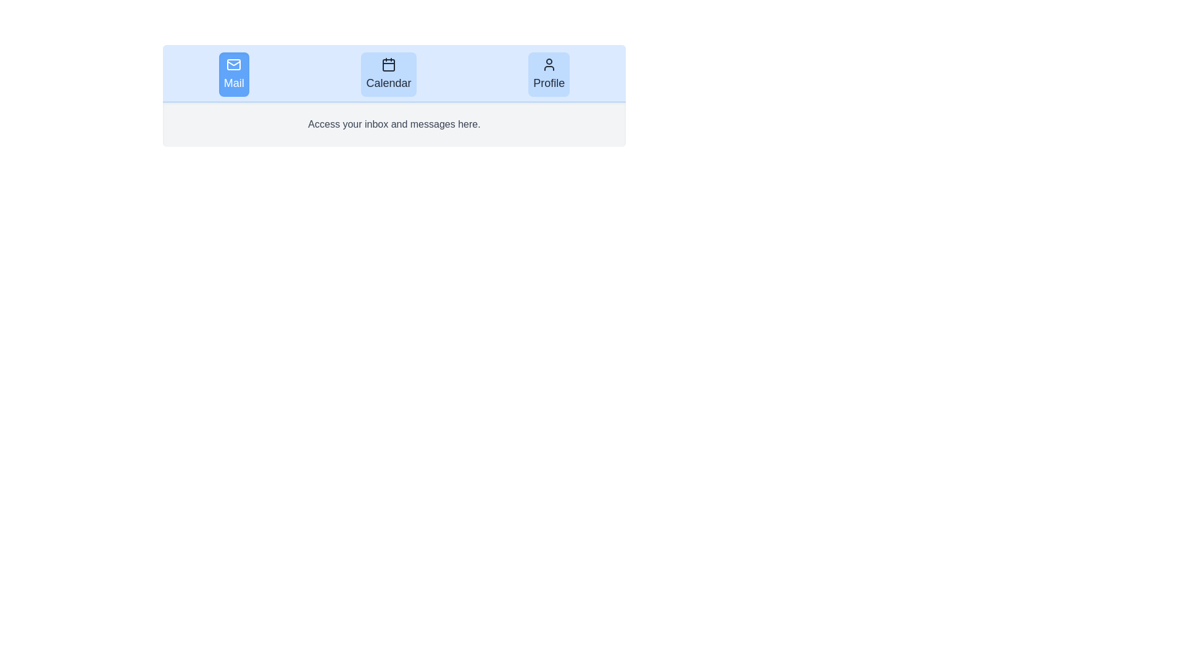 The height and width of the screenshot is (666, 1185). What do you see at coordinates (547, 74) in the screenshot?
I see `the Profile tab to inspect its layout and styling` at bounding box center [547, 74].